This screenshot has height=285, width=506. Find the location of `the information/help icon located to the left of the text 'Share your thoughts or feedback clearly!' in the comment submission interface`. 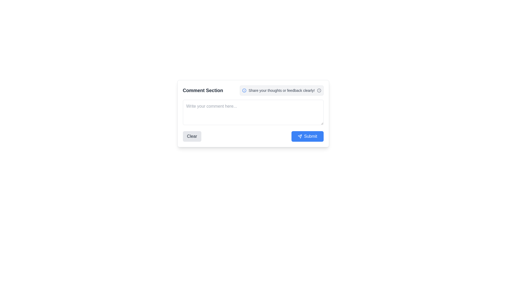

the information/help icon located to the left of the text 'Share your thoughts or feedback clearly!' in the comment submission interface is located at coordinates (244, 90).